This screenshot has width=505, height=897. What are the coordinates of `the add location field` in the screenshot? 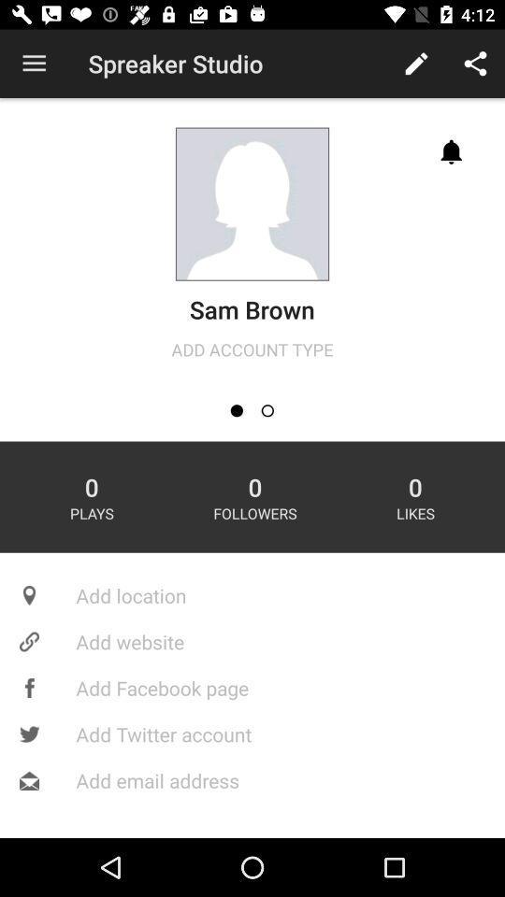 It's located at (252, 594).